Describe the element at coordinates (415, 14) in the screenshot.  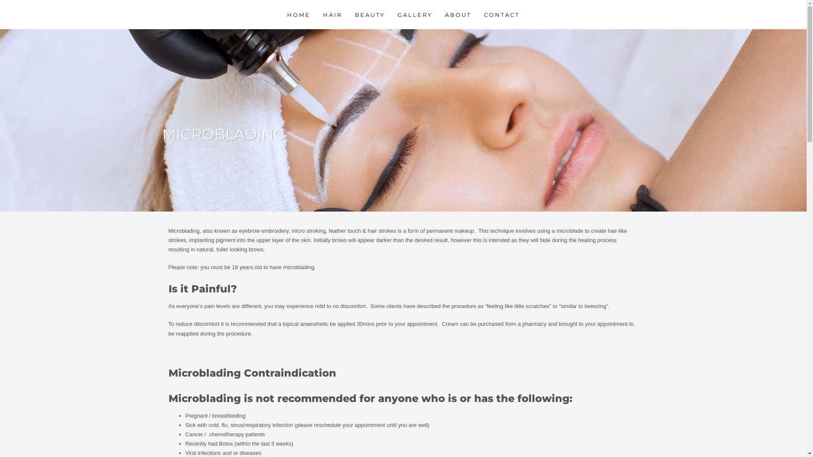
I see `'GALLERY'` at that location.